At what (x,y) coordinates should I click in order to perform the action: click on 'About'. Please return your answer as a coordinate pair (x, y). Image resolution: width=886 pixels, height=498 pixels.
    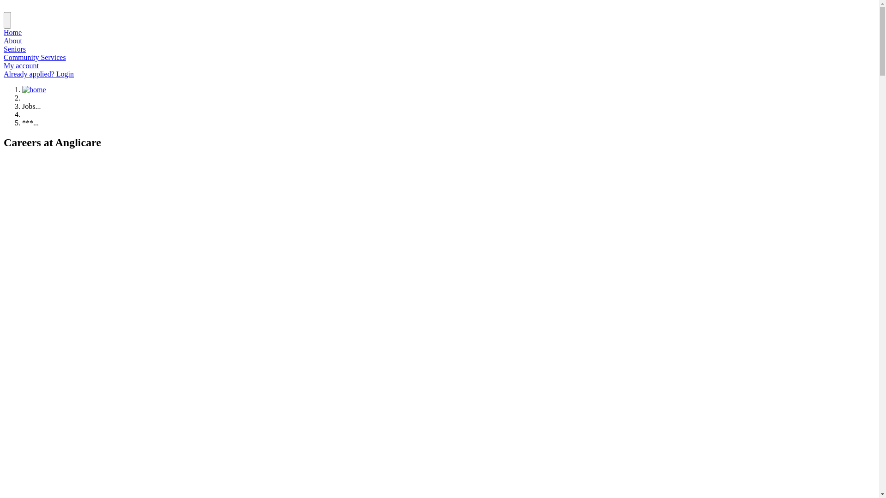
    Looking at the image, I should click on (4, 40).